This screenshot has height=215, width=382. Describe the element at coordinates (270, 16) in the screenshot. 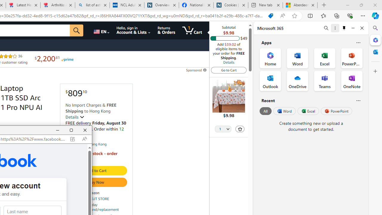

I see `'You have the best price!'` at that location.